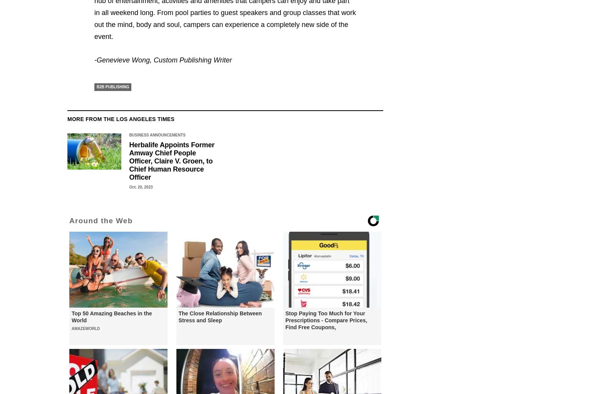 The height and width of the screenshot is (394, 597). Describe the element at coordinates (157, 135) in the screenshot. I see `'Business Announcements'` at that location.